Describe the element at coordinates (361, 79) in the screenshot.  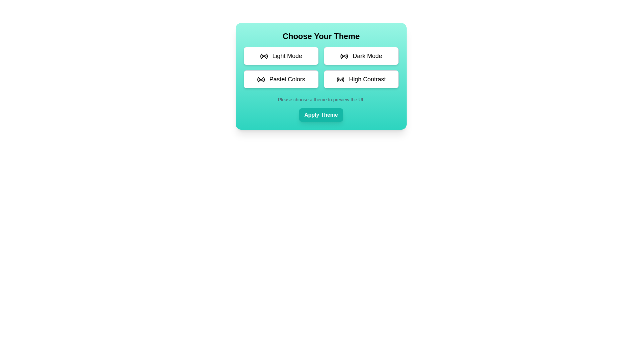
I see `the 'High Contrast' button located at the bottom-right of a 2x2 grid layout` at that location.